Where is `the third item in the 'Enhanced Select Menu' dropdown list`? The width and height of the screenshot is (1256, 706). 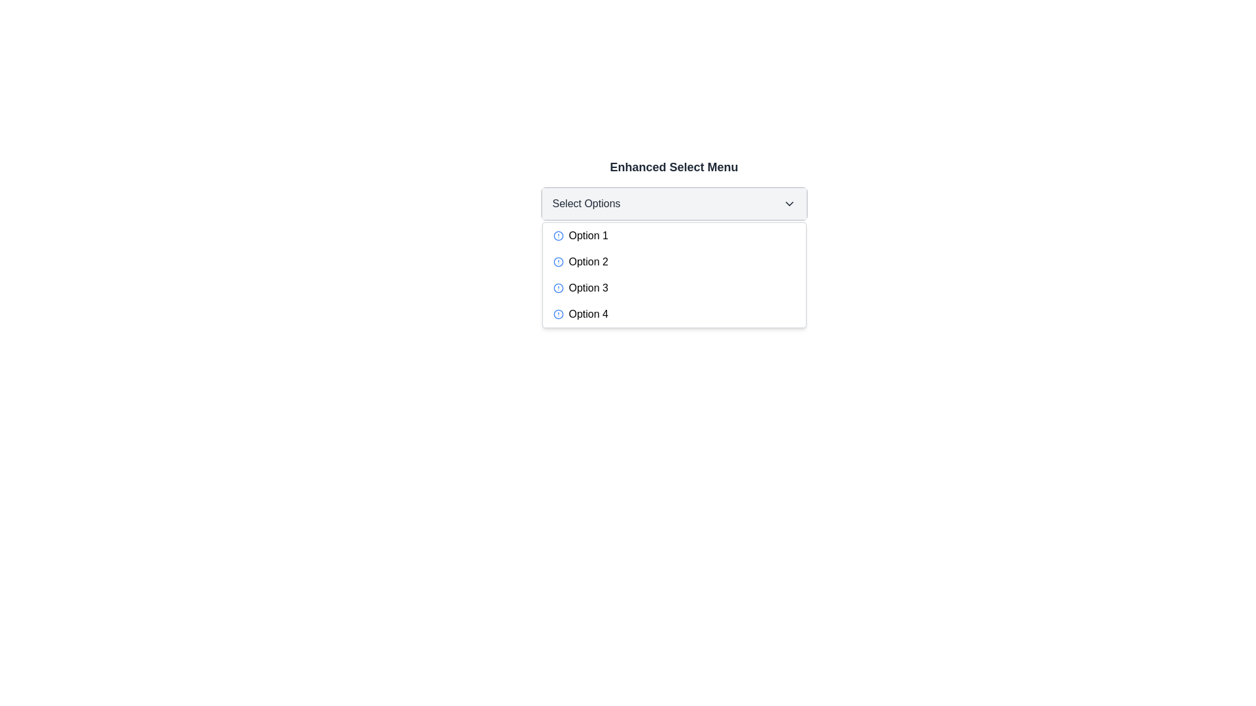 the third item in the 'Enhanced Select Menu' dropdown list is located at coordinates (580, 287).